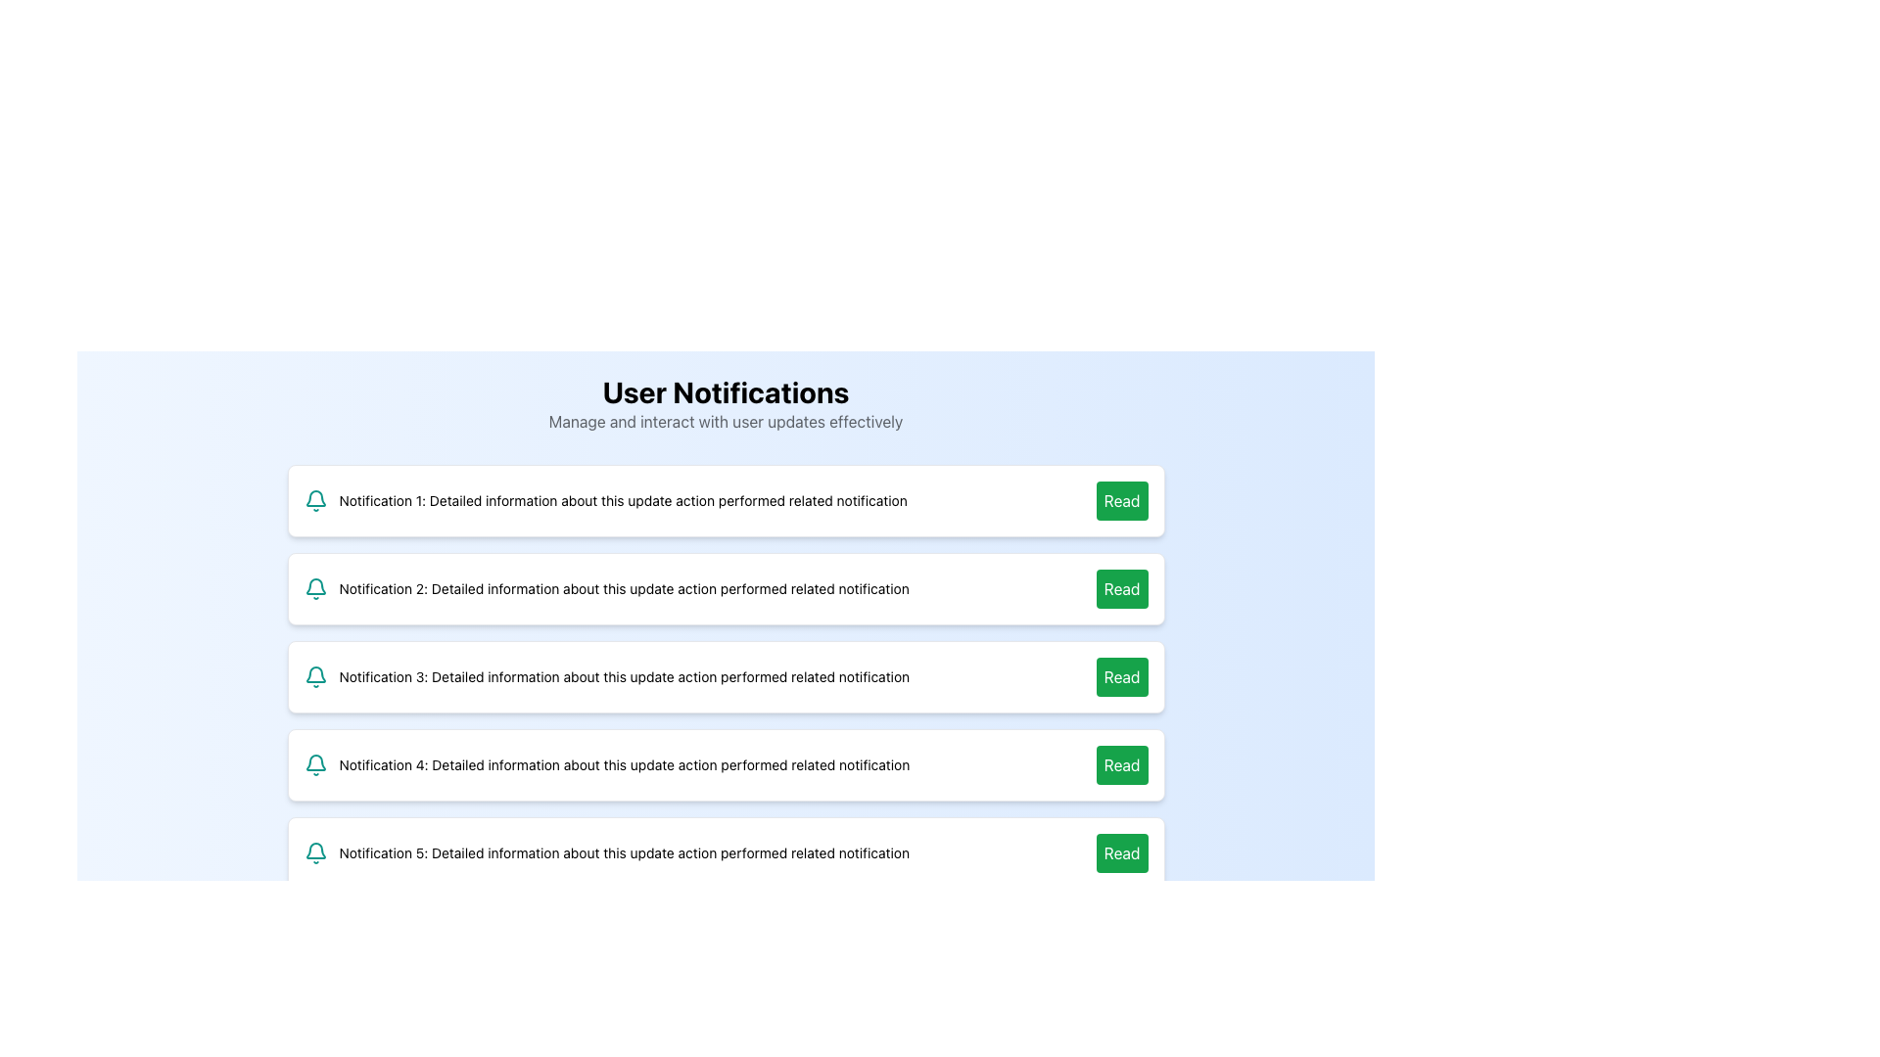 The width and height of the screenshot is (1880, 1057). What do you see at coordinates (1122, 851) in the screenshot?
I see `the 'Read' button located in the notification block for 'Notification 5: Detailed information about this update action performed related notification' to change its appearance` at bounding box center [1122, 851].